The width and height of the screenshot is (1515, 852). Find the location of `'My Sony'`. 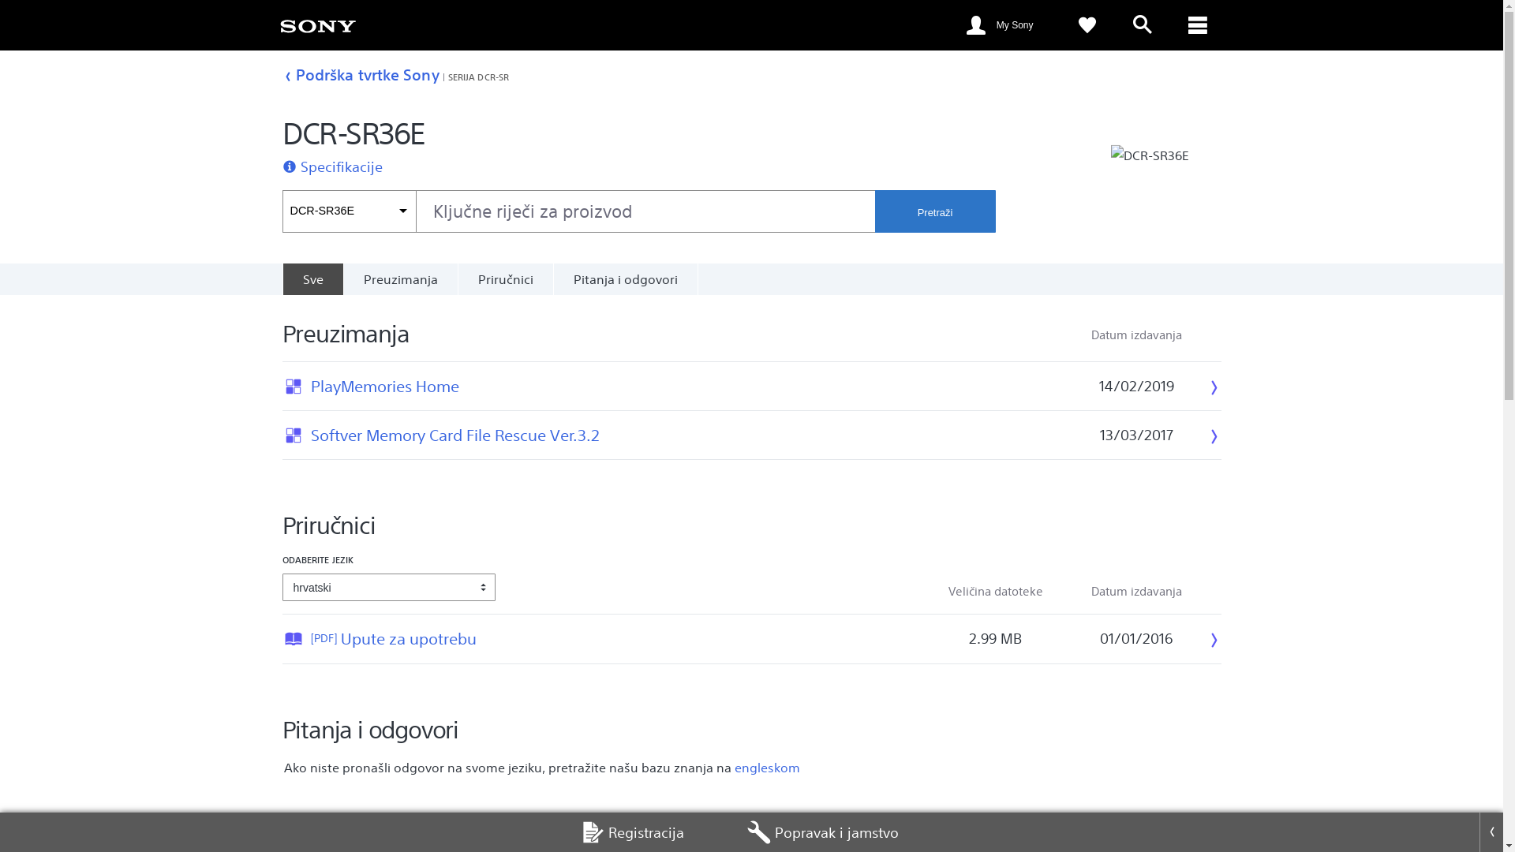

'My Sony' is located at coordinates (1004, 24).